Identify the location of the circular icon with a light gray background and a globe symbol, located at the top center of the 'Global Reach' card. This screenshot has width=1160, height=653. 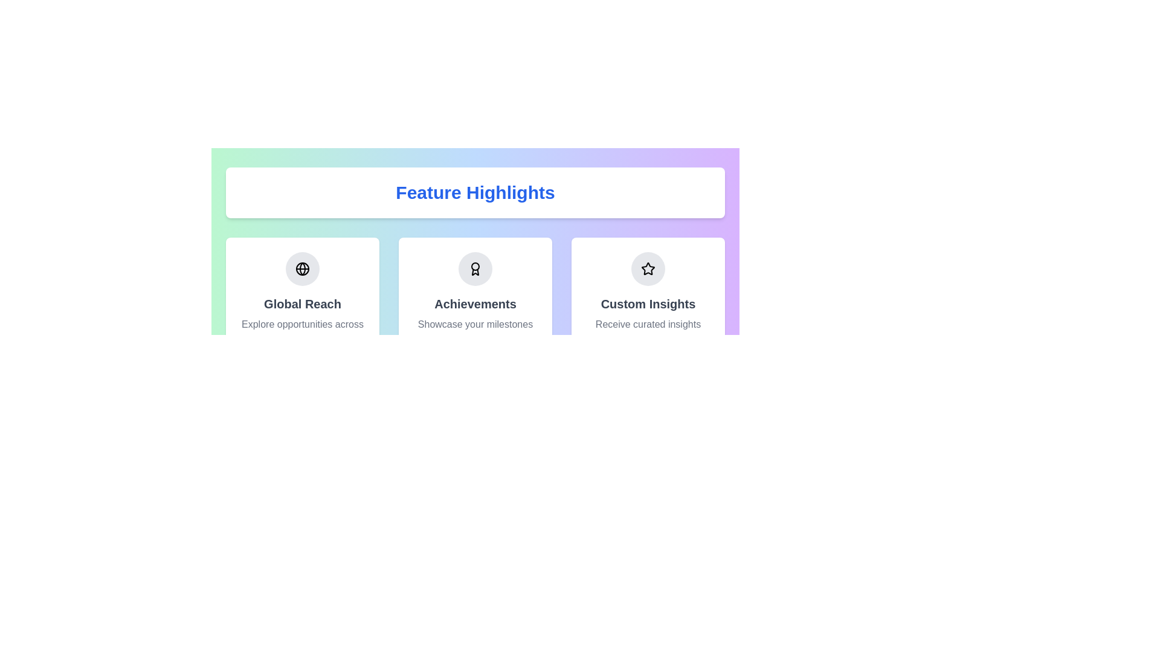
(302, 268).